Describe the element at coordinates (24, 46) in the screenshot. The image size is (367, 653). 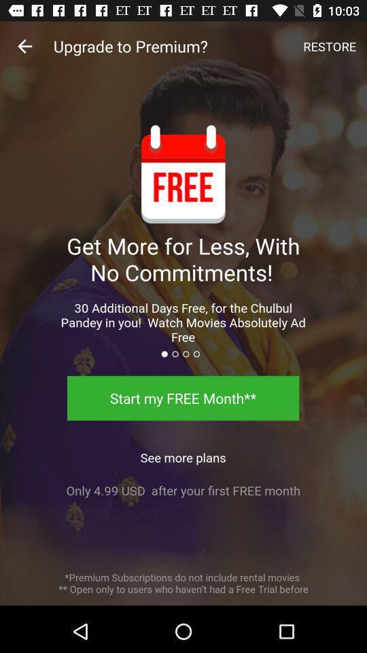
I see `the app to the left of the upgrade to premium? app` at that location.